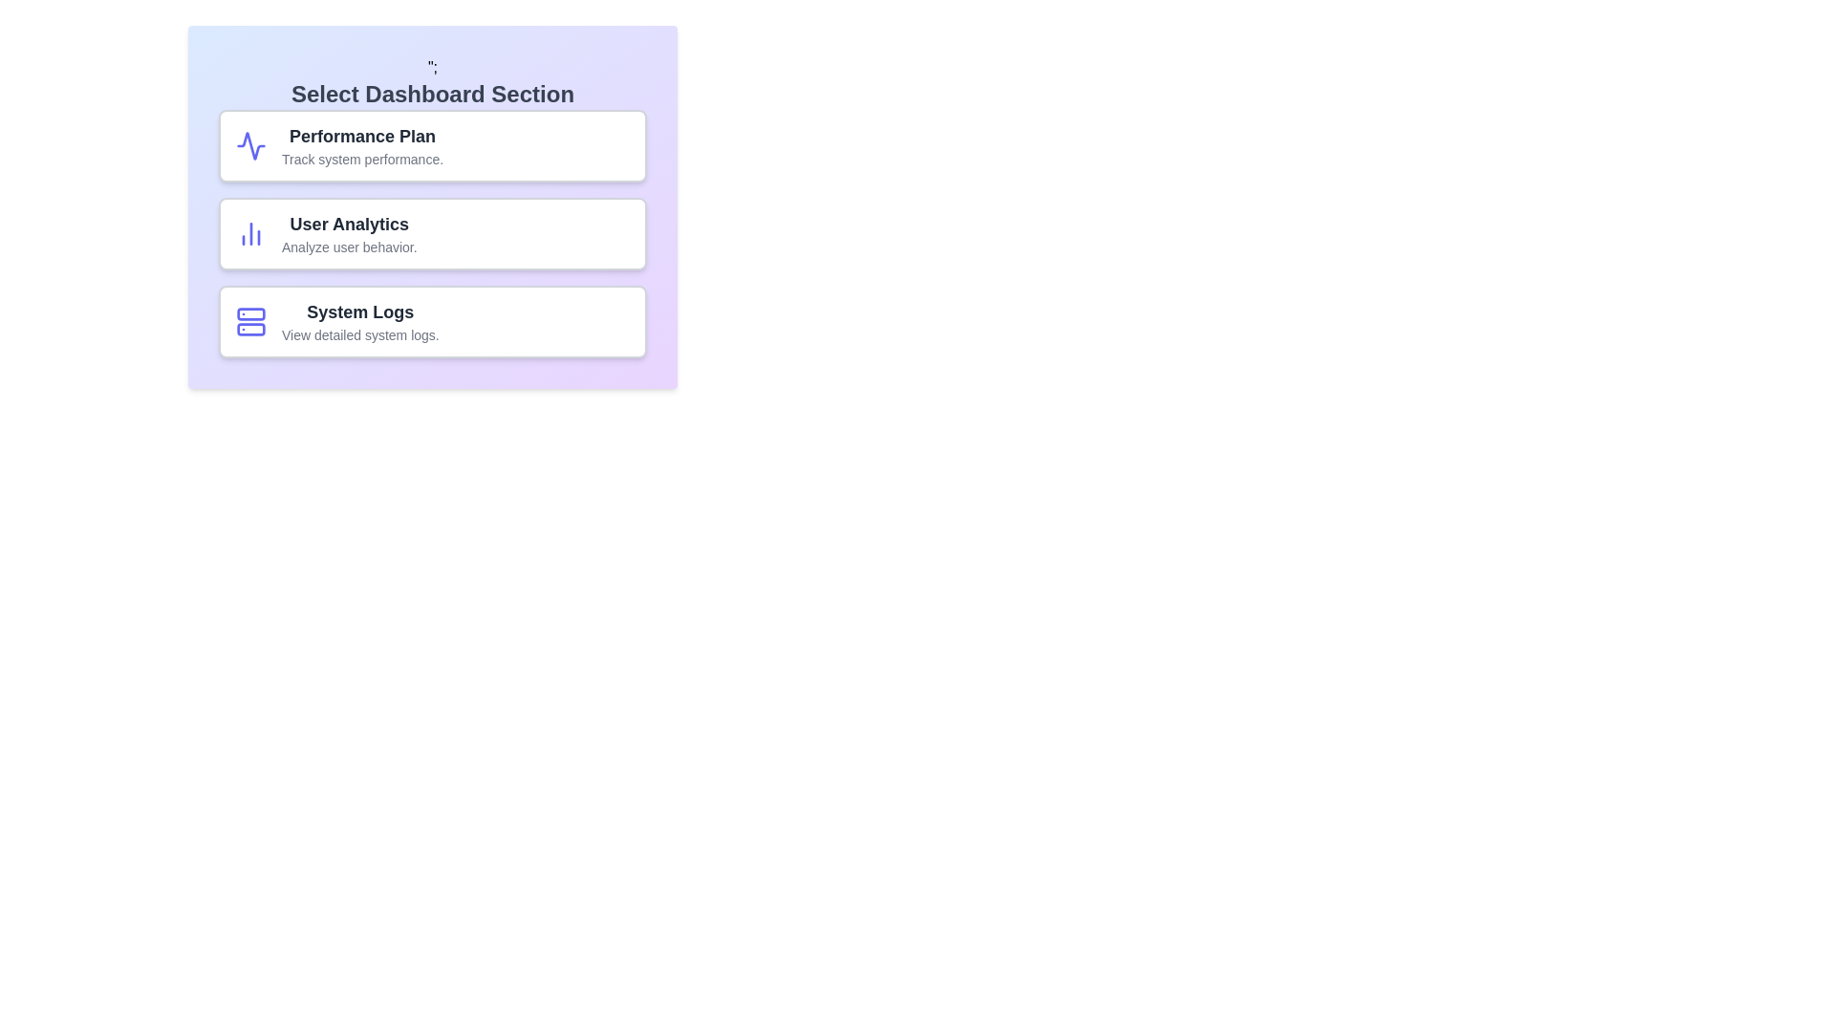  What do you see at coordinates (431, 320) in the screenshot?
I see `the chip labeled 'System Logs'` at bounding box center [431, 320].